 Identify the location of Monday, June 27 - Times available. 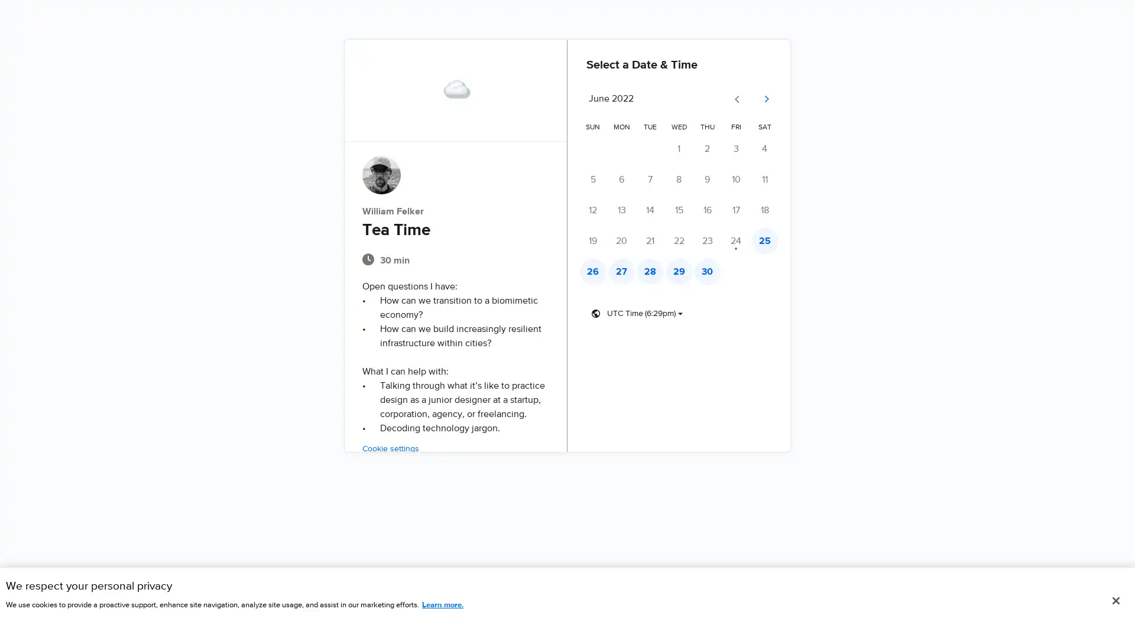
(624, 271).